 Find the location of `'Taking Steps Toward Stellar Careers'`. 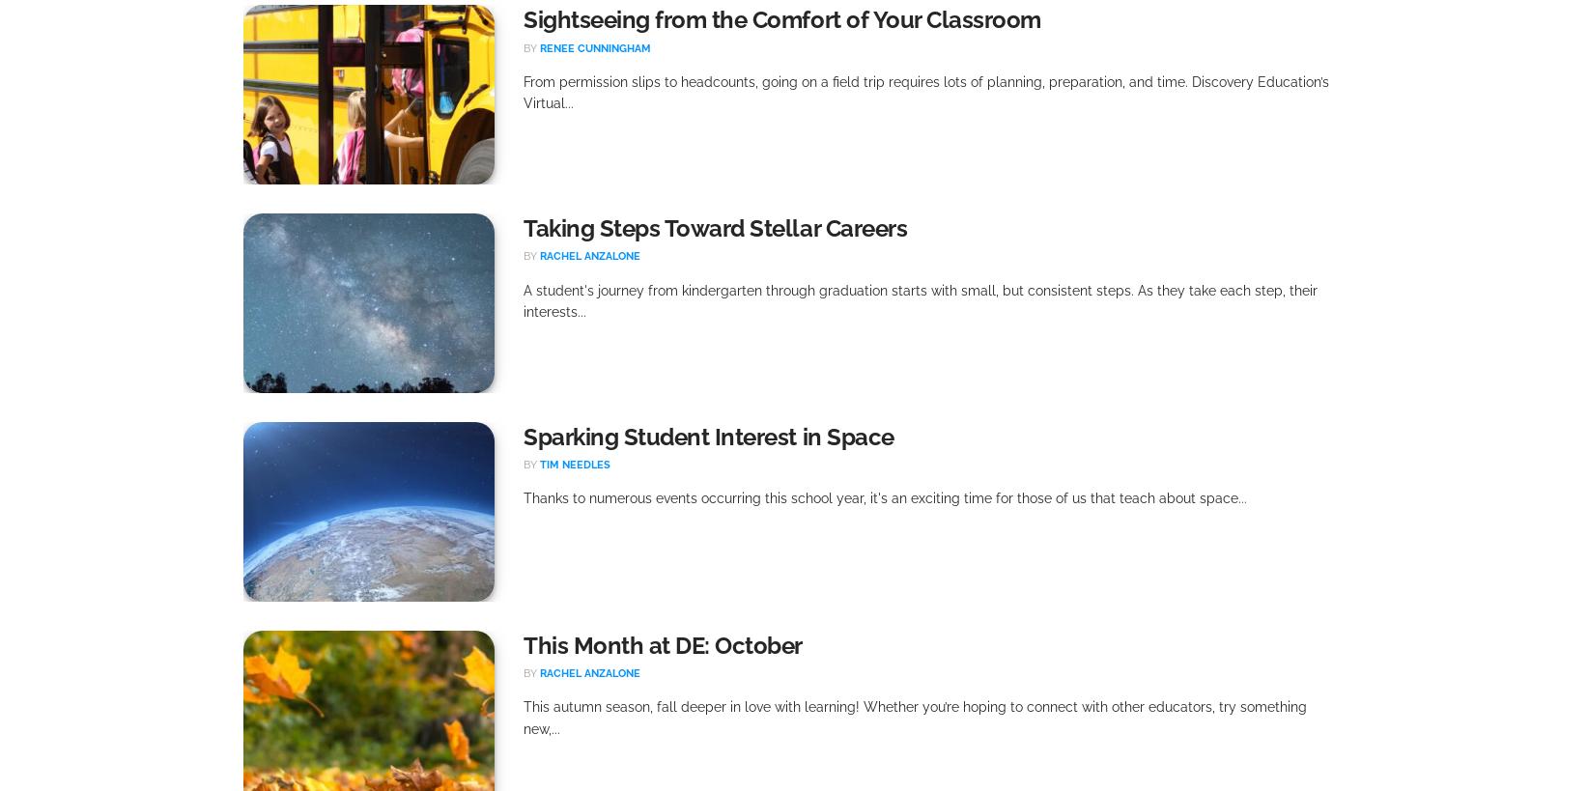

'Taking Steps Toward Stellar Careers' is located at coordinates (714, 227).